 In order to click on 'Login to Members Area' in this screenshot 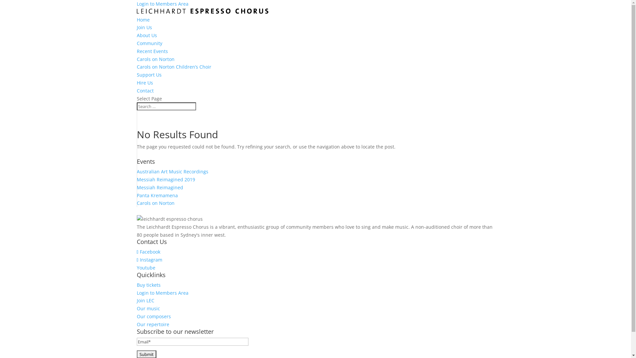, I will do `click(136, 292)`.